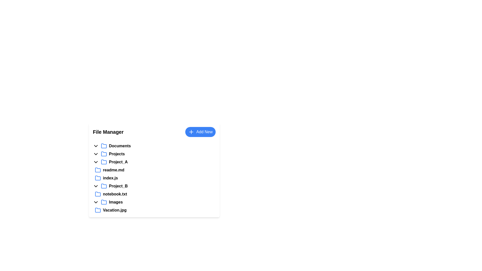 This screenshot has width=482, height=271. What do you see at coordinates (96, 186) in the screenshot?
I see `the dropdown indicator icon located to the left of the text 'Project_B'` at bounding box center [96, 186].